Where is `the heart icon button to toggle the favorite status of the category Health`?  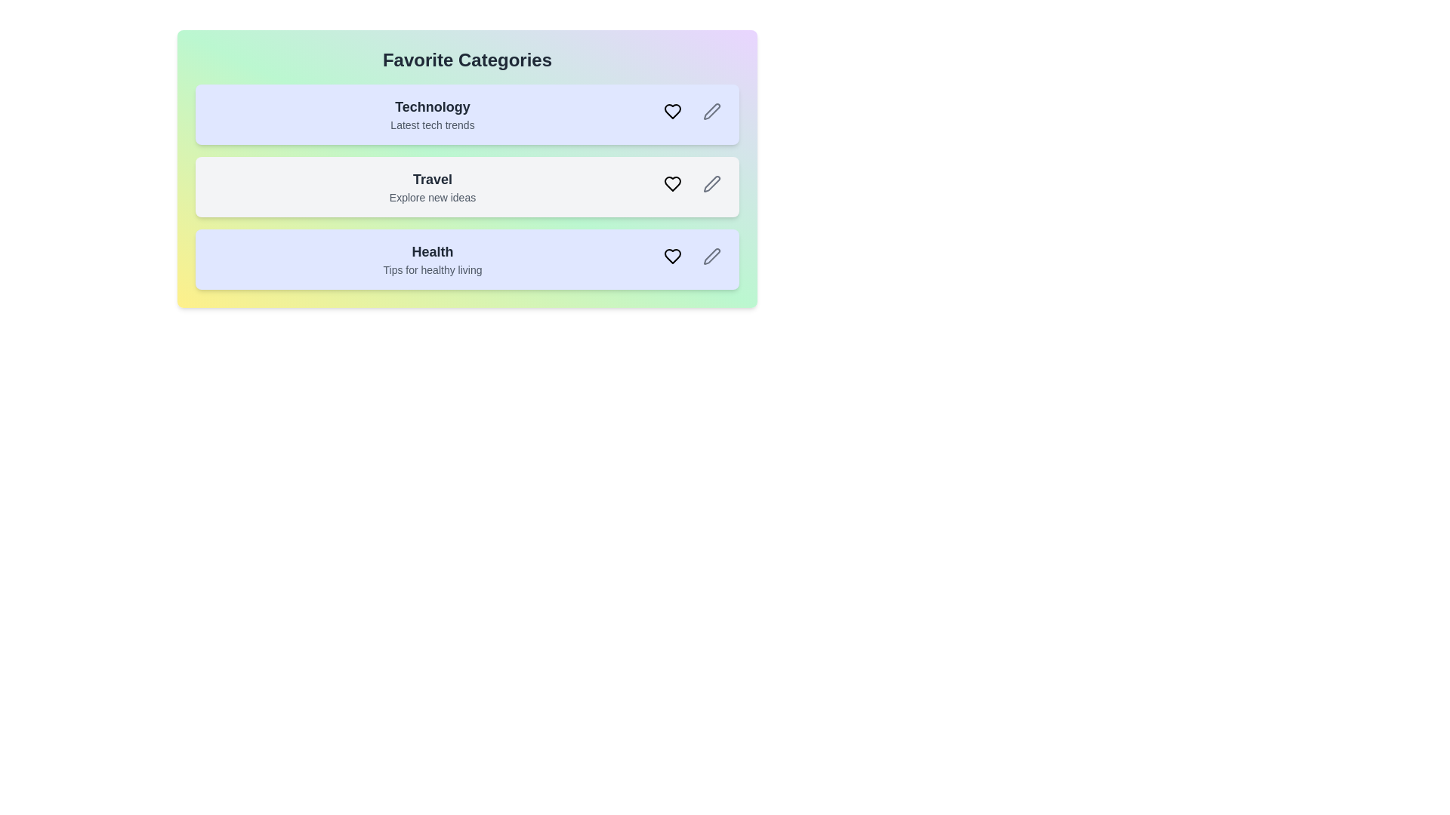 the heart icon button to toggle the favorite status of the category Health is located at coordinates (672, 255).